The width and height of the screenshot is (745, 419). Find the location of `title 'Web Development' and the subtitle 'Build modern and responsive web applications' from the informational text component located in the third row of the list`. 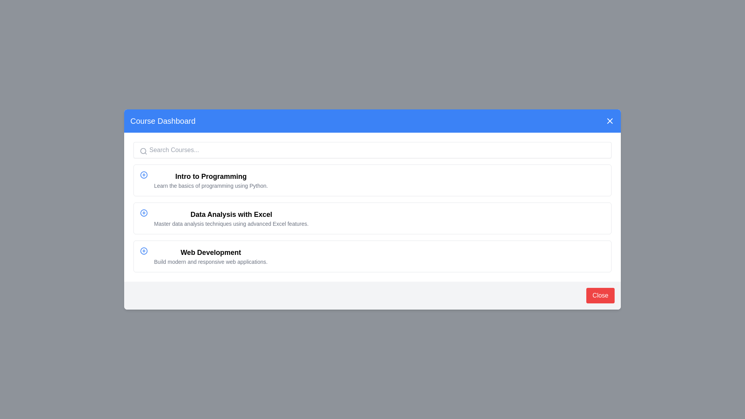

title 'Web Development' and the subtitle 'Build modern and responsive web applications' from the informational text component located in the third row of the list is located at coordinates (211, 256).